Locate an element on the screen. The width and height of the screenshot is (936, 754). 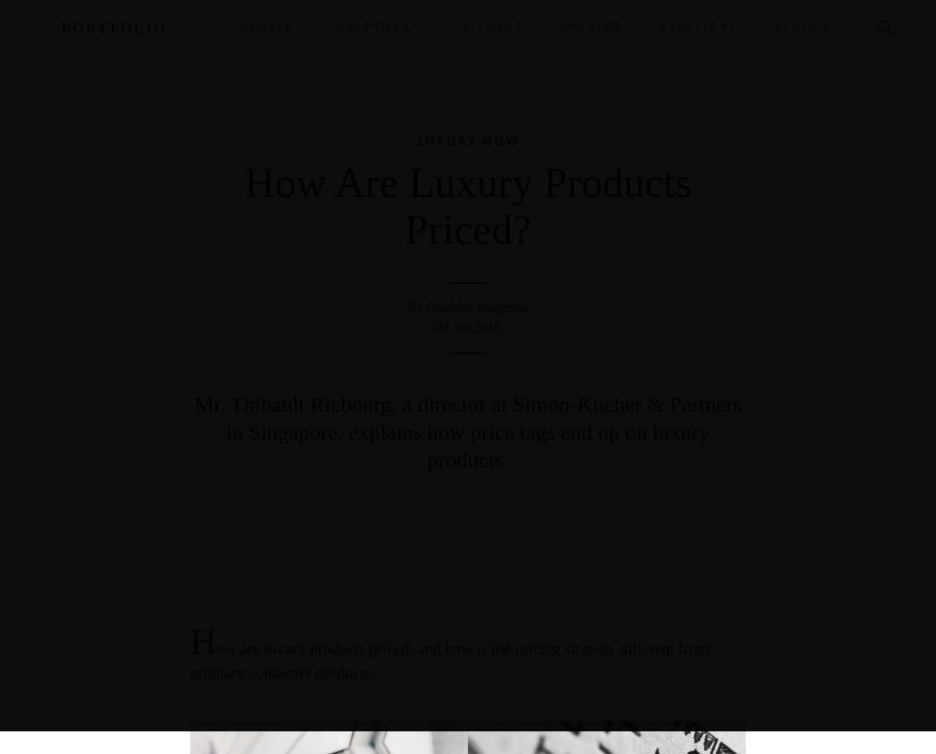
'IN FOCUS' is located at coordinates (490, 26).